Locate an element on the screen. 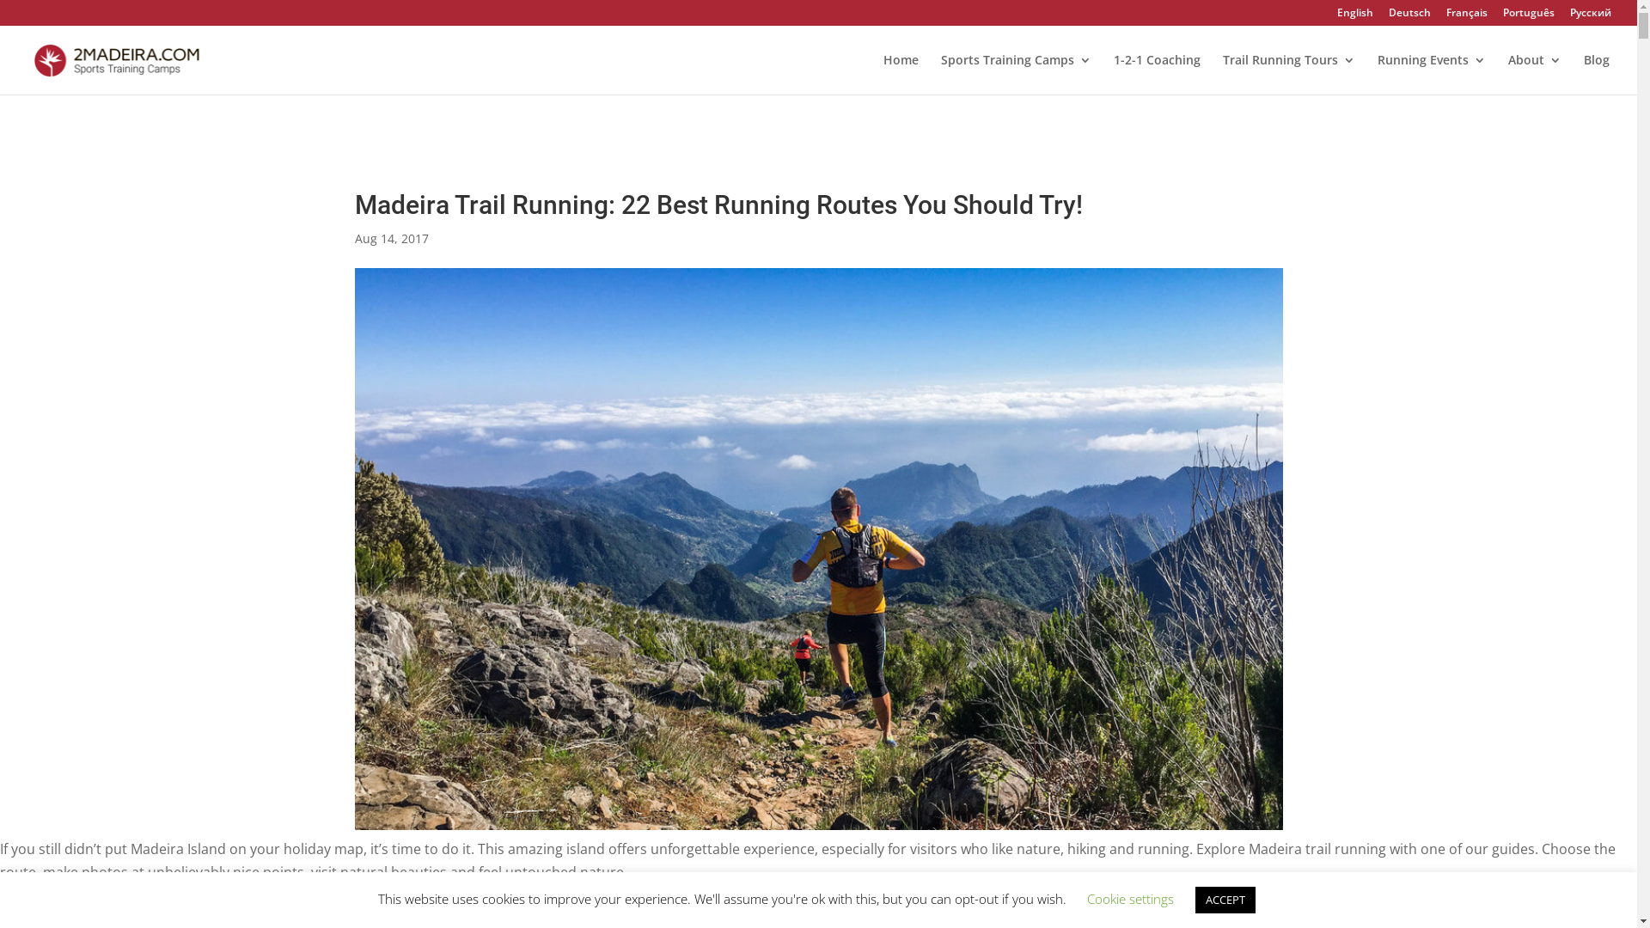 This screenshot has height=928, width=1650. 'Running Events' is located at coordinates (1431, 73).